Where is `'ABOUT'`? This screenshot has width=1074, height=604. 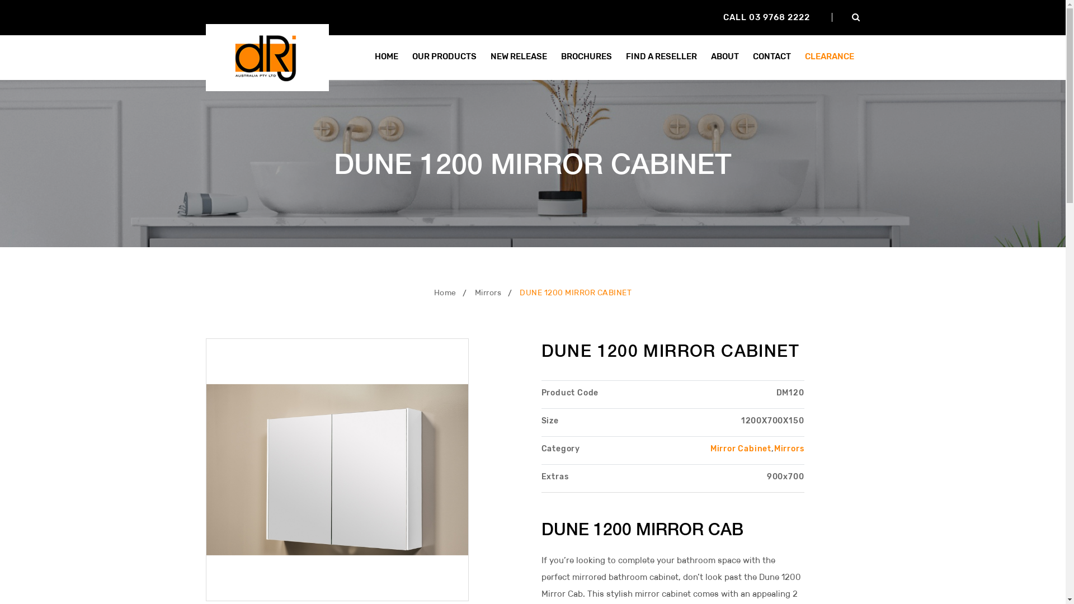
'ABOUT' is located at coordinates (725, 56).